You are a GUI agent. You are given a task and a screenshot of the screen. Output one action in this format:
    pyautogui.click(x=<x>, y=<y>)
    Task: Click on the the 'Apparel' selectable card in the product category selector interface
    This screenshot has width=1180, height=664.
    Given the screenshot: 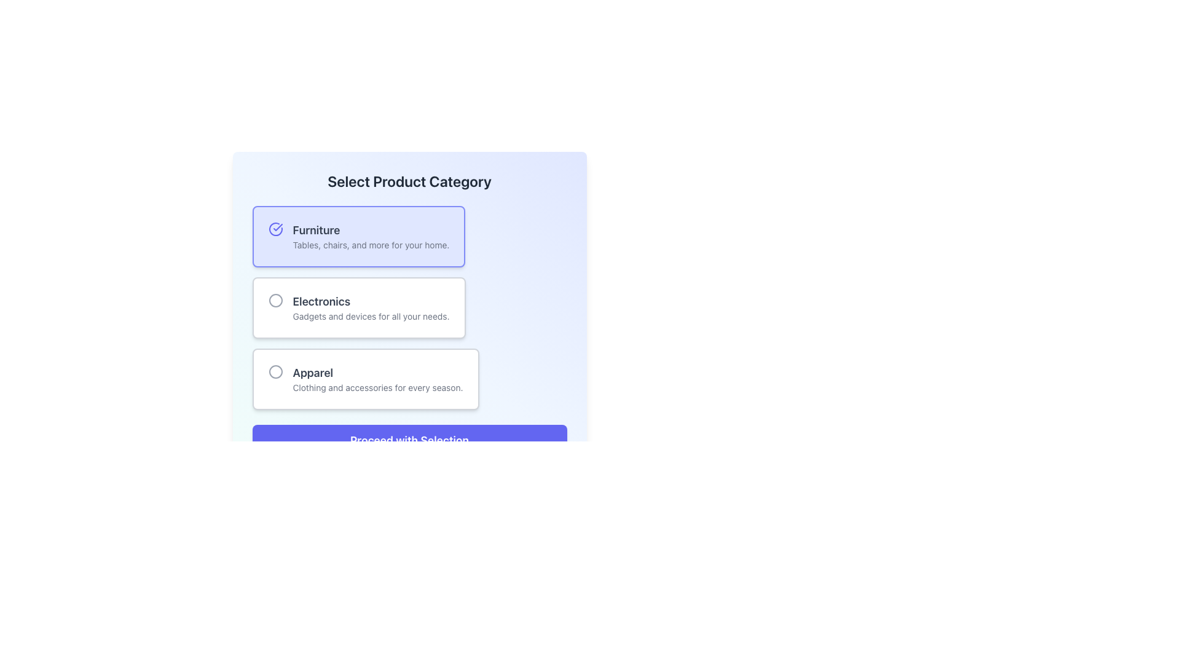 What is the action you would take?
    pyautogui.click(x=377, y=379)
    